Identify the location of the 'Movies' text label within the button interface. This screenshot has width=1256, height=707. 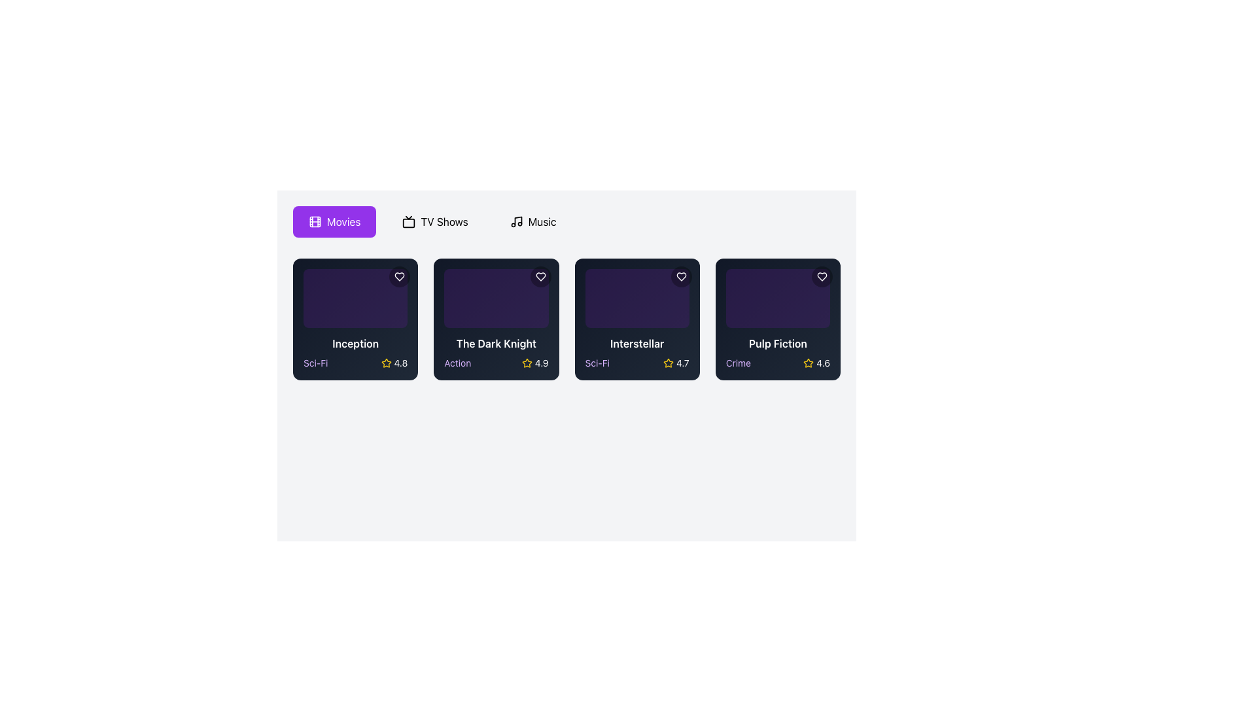
(343, 221).